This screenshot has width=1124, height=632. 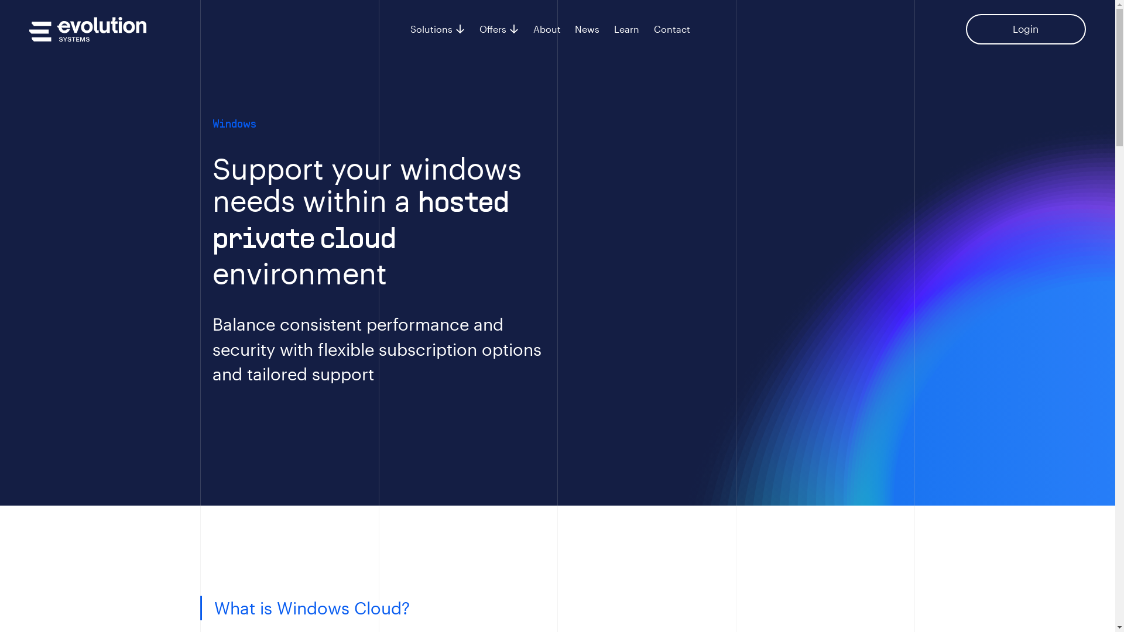 I want to click on 'Contact', so click(x=671, y=29).